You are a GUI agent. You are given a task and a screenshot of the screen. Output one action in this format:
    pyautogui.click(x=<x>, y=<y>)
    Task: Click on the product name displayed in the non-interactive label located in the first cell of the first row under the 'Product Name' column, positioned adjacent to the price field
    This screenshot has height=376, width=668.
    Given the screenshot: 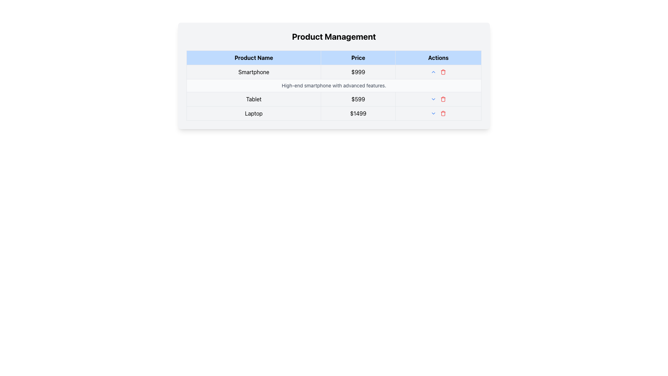 What is the action you would take?
    pyautogui.click(x=253, y=72)
    